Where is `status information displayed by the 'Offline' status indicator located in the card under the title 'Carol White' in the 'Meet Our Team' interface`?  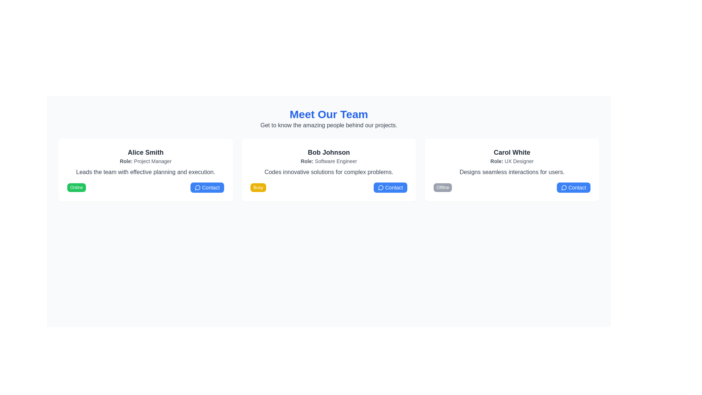 status information displayed by the 'Offline' status indicator located in the card under the title 'Carol White' in the 'Meet Our Team' interface is located at coordinates (442, 187).